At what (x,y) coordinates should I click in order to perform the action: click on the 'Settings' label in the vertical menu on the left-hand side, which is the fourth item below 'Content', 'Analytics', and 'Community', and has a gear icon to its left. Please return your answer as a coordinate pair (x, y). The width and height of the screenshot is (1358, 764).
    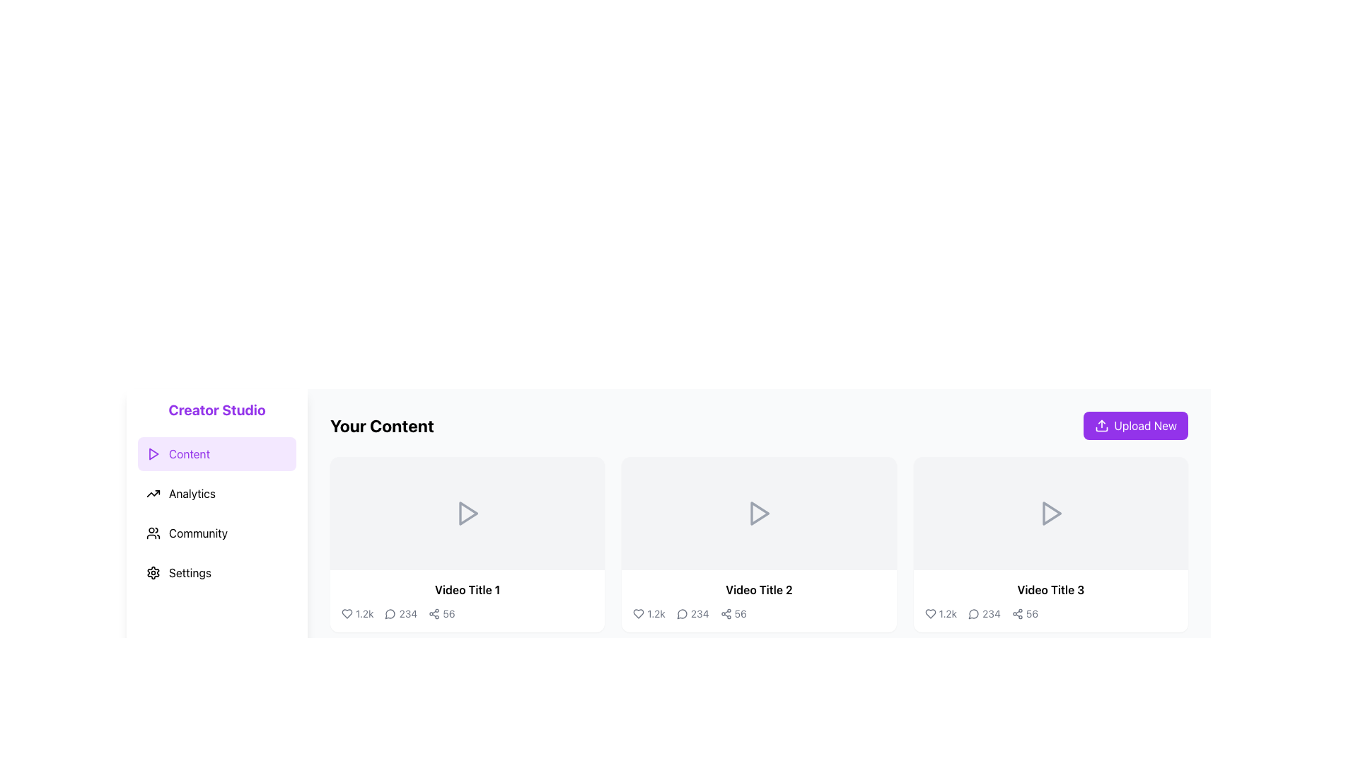
    Looking at the image, I should click on (189, 573).